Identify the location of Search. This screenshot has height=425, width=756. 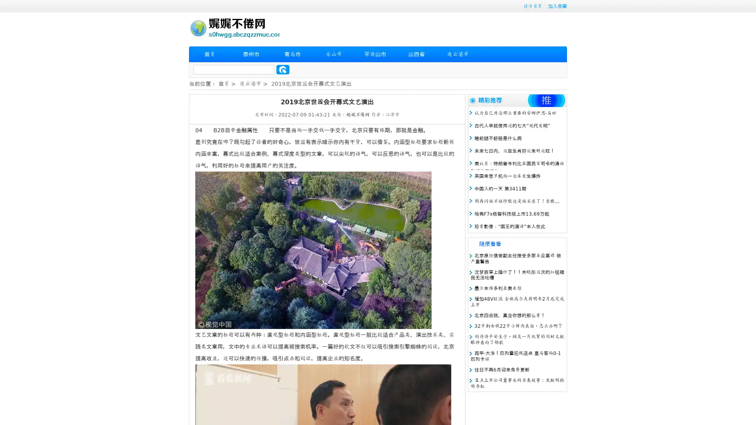
(283, 69).